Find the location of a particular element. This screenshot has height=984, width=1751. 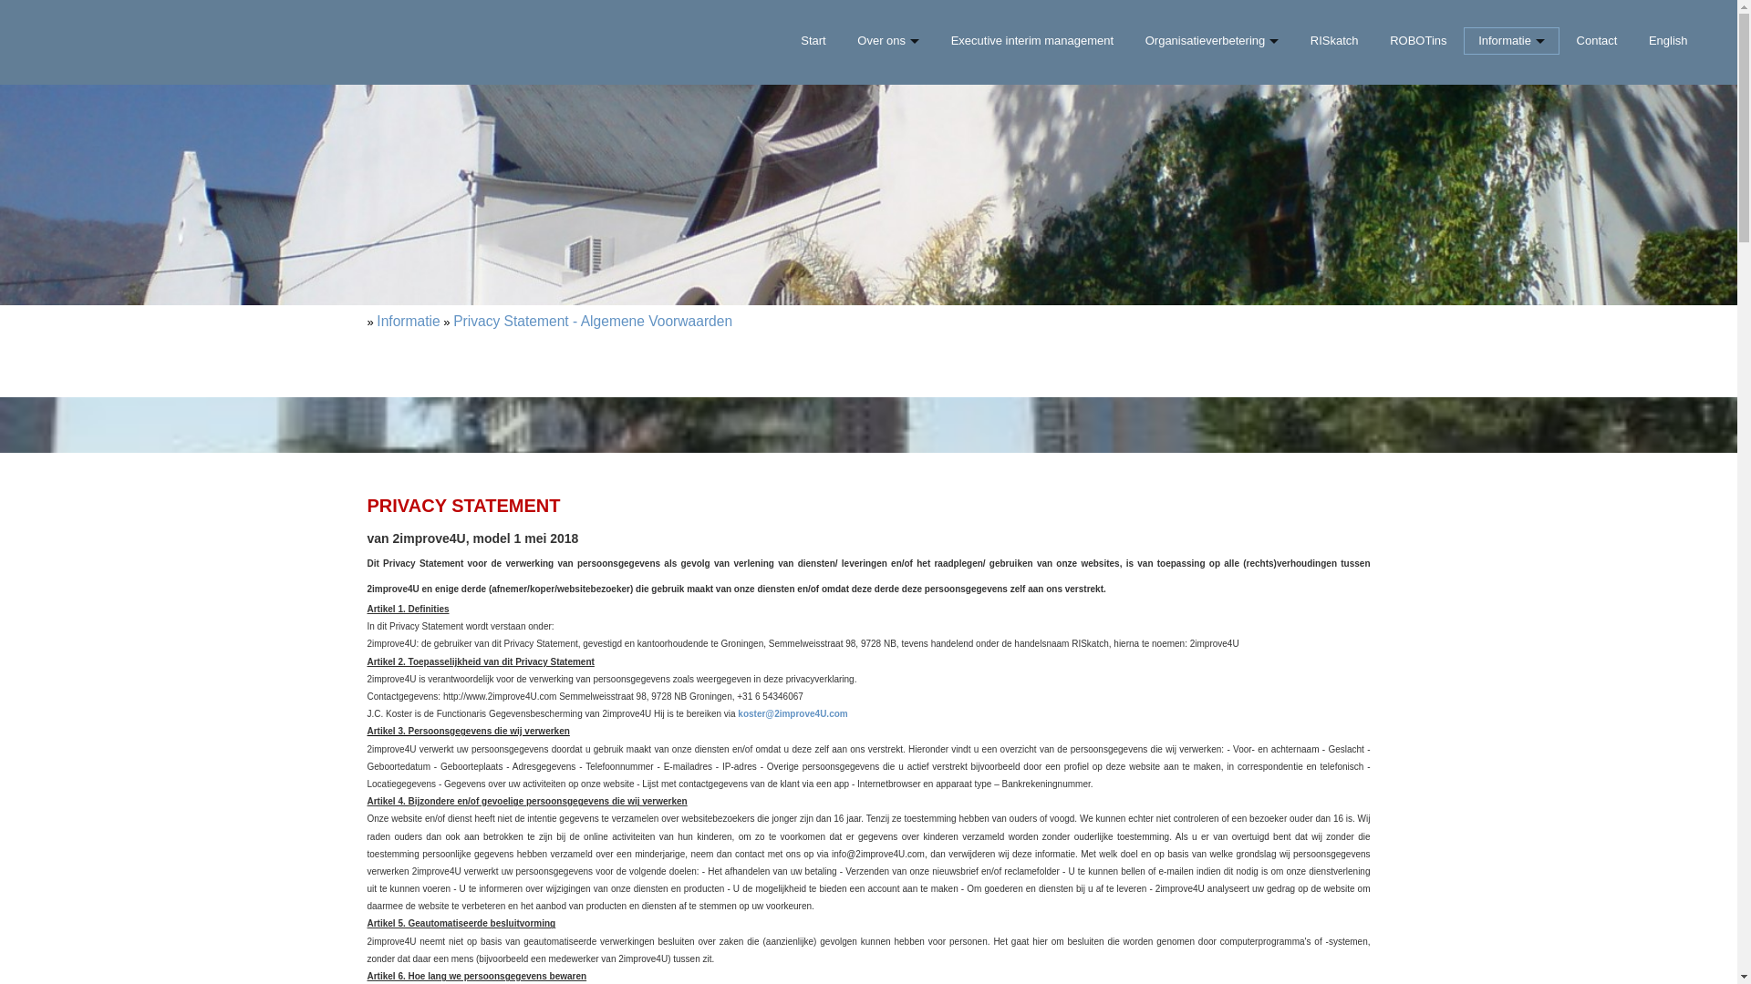

'Executive interim management' is located at coordinates (1031, 41).